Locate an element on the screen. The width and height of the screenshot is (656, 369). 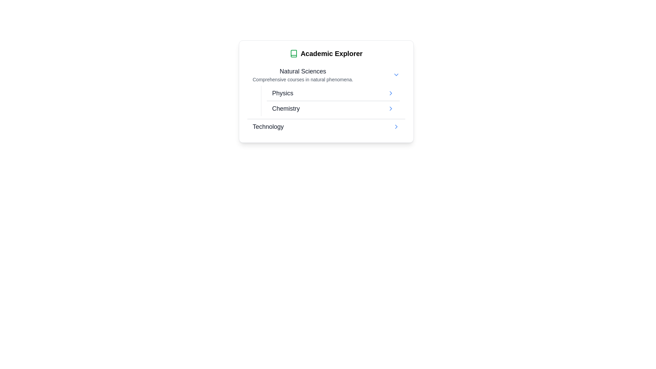
the 'Technology' button, which is the last item under the 'Natural Sciences' section is located at coordinates (326, 126).